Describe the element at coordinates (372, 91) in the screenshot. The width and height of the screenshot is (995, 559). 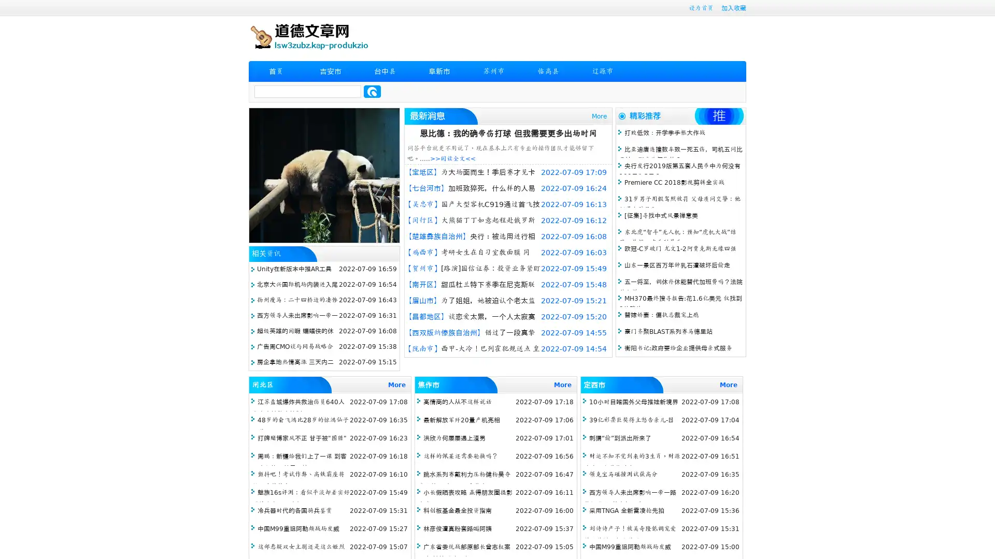
I see `Search` at that location.